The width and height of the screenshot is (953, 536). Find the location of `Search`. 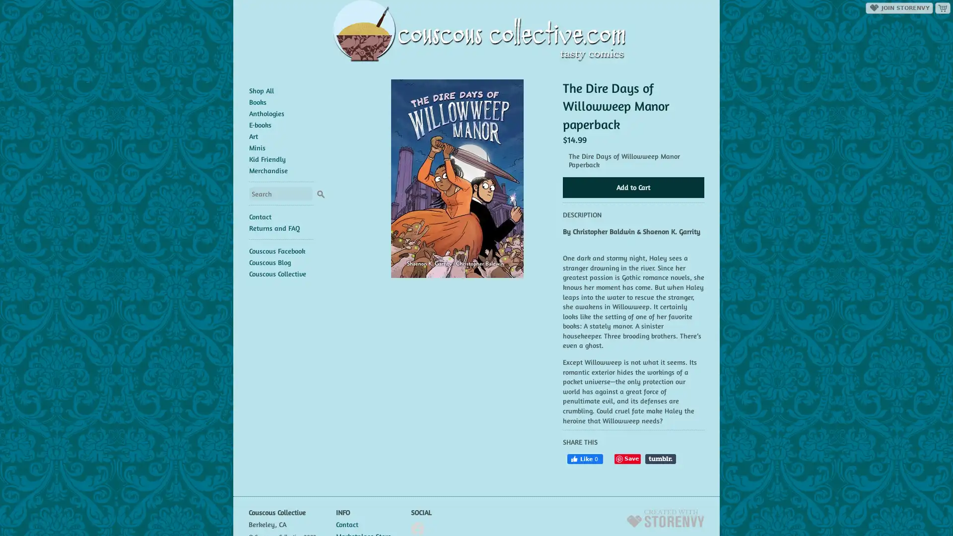

Search is located at coordinates (320, 193).